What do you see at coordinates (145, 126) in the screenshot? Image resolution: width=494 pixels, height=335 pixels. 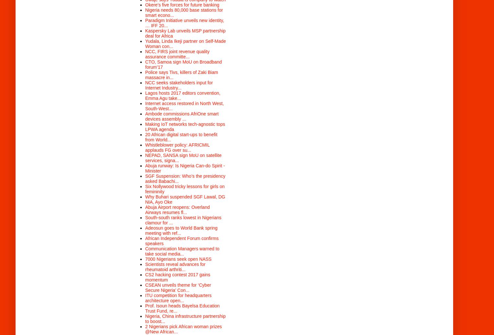 I see `'Making IoT networks tech-agnostic tops LPWA agenda'` at bounding box center [145, 126].